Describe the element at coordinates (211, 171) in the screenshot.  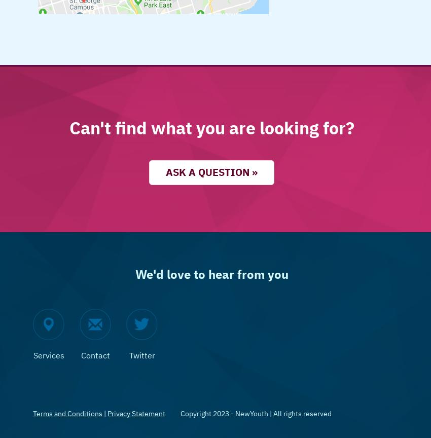
I see `'Ask a question »'` at that location.